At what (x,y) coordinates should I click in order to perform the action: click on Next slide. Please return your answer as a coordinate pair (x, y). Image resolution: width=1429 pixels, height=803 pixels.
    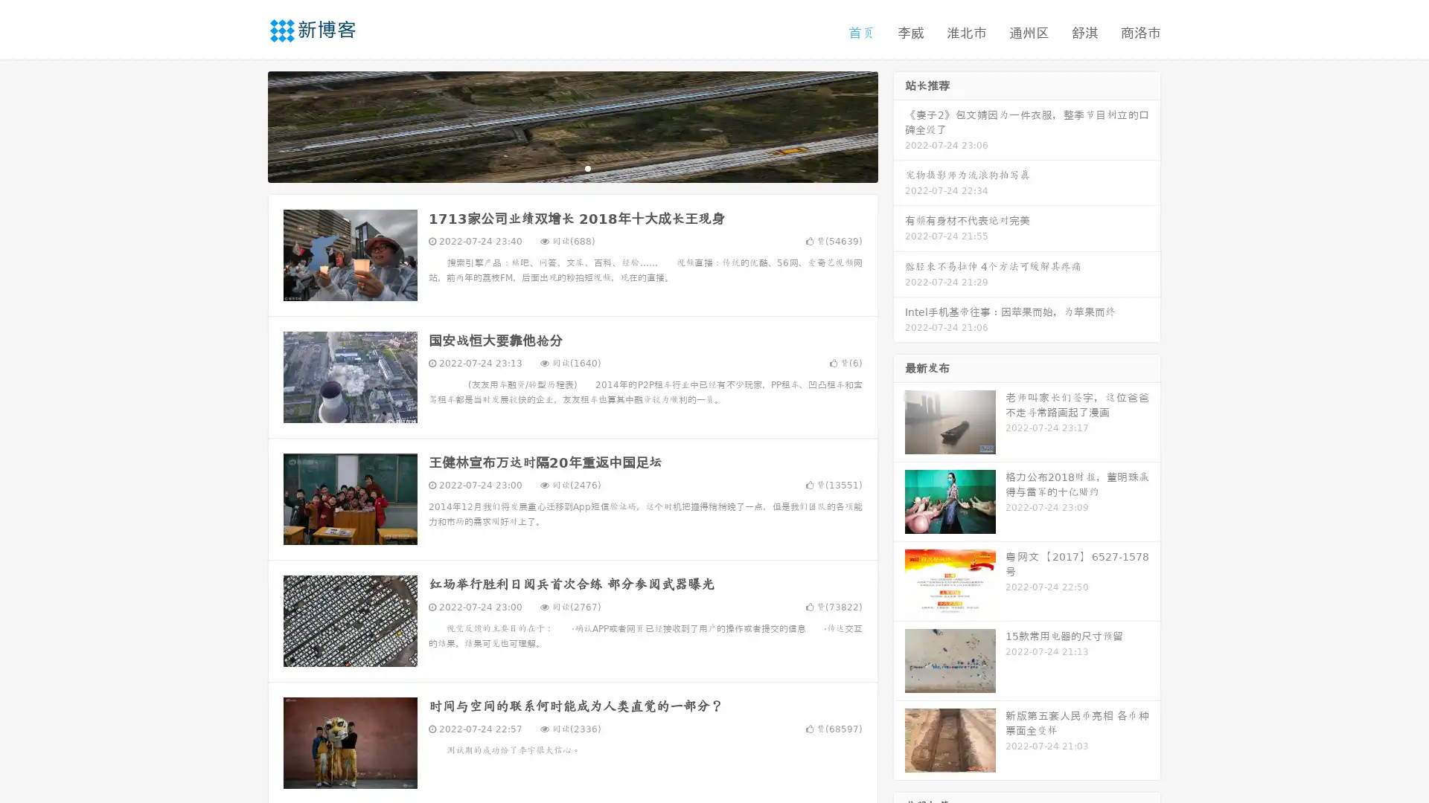
    Looking at the image, I should click on (899, 125).